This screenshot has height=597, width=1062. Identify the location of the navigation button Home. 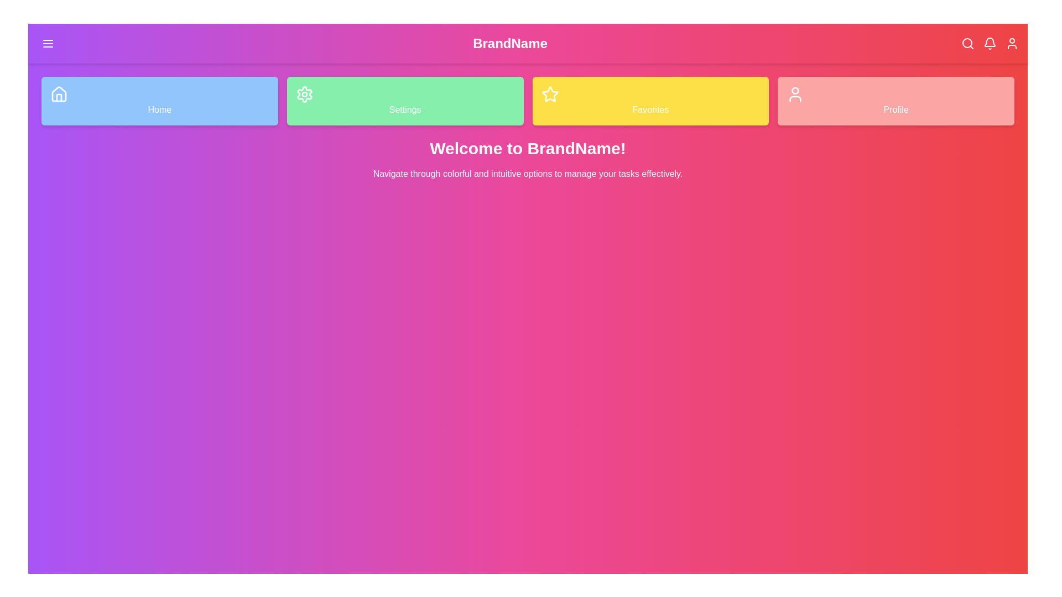
(159, 101).